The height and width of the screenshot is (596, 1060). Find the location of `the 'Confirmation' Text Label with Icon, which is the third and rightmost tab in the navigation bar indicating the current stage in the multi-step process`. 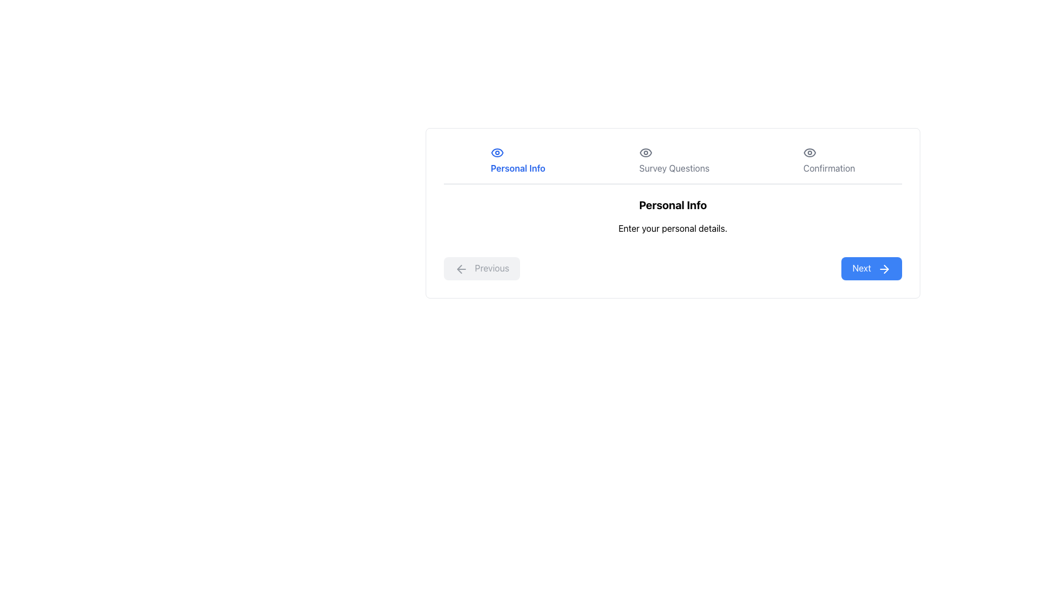

the 'Confirmation' Text Label with Icon, which is the third and rightmost tab in the navigation bar indicating the current stage in the multi-step process is located at coordinates (829, 160).